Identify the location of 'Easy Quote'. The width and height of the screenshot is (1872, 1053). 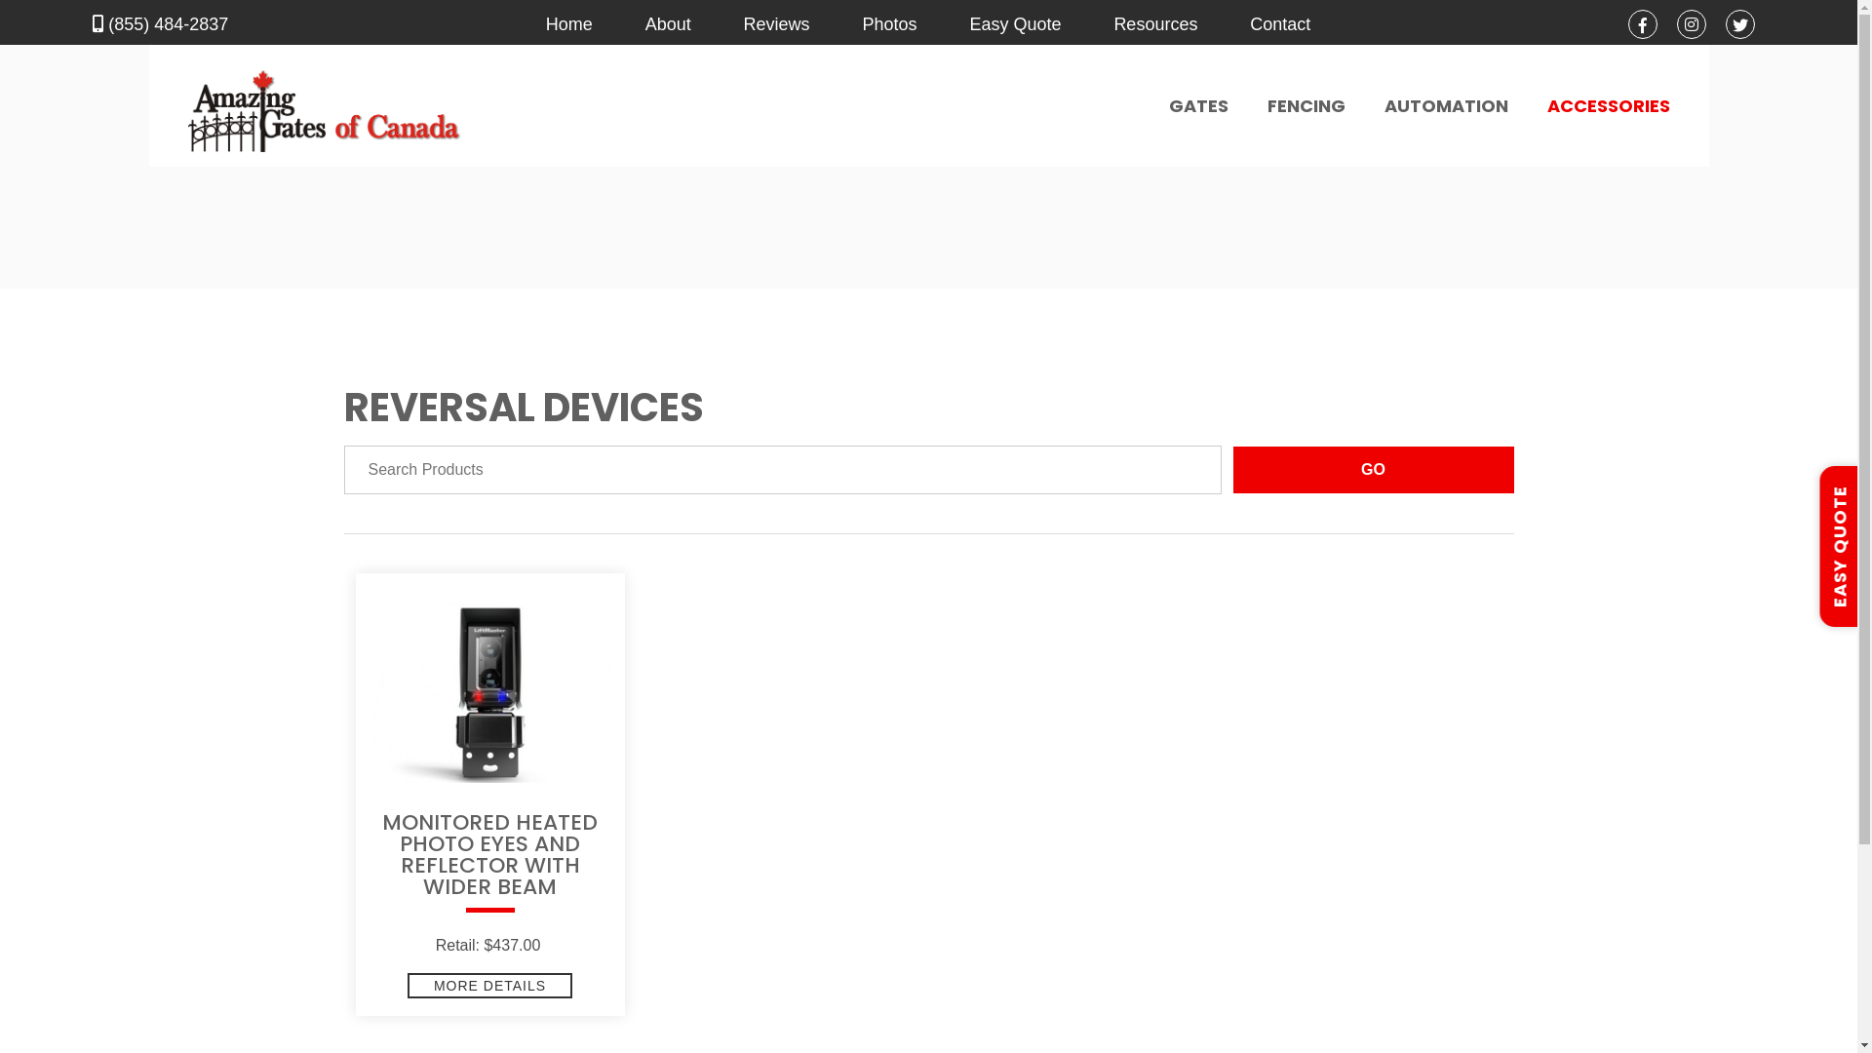
(1014, 23).